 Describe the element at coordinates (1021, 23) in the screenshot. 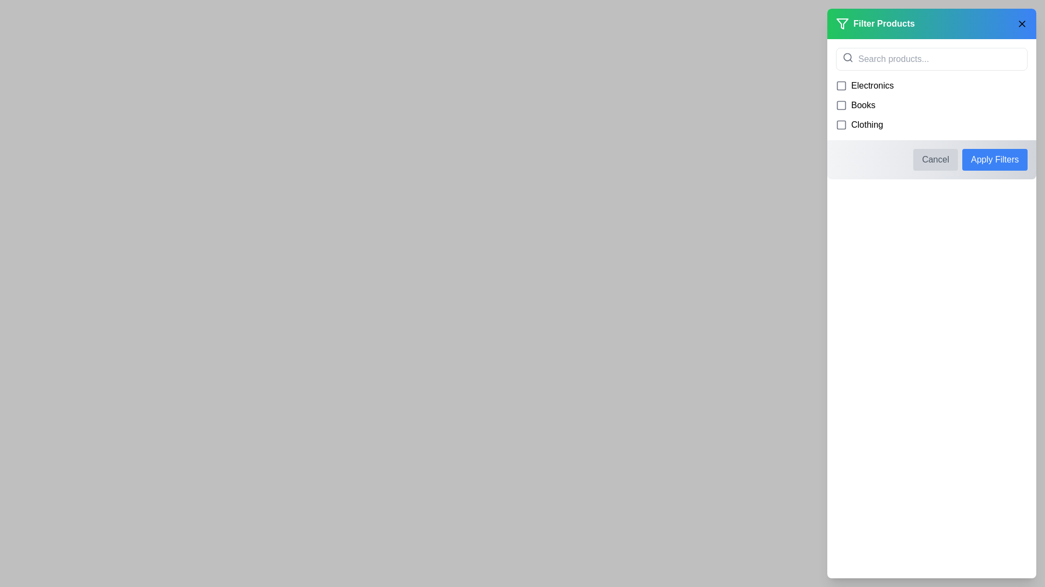

I see `the close button represented by an 'X' icon with a black color on a blue background, located in the top-right corner of the filter panel` at that location.